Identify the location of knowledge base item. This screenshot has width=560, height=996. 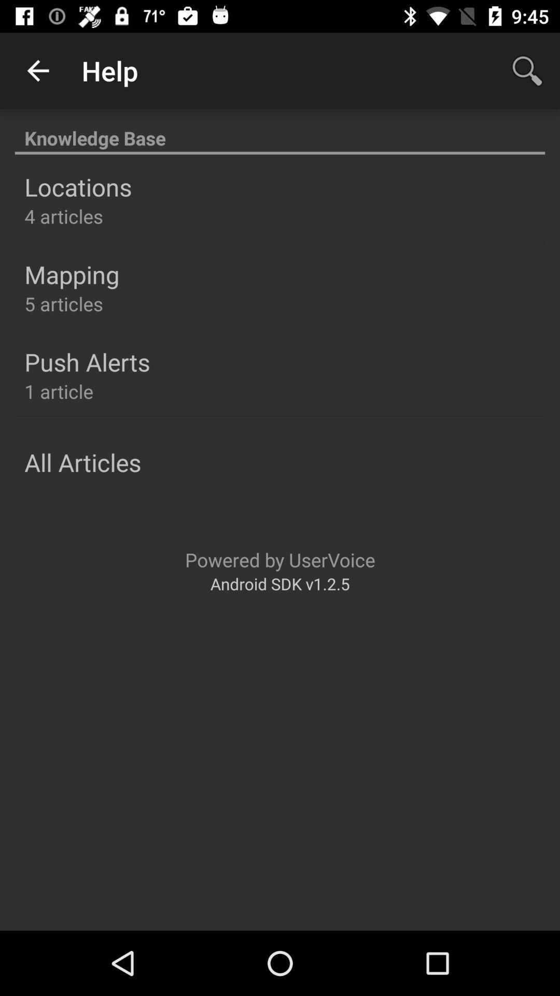
(280, 132).